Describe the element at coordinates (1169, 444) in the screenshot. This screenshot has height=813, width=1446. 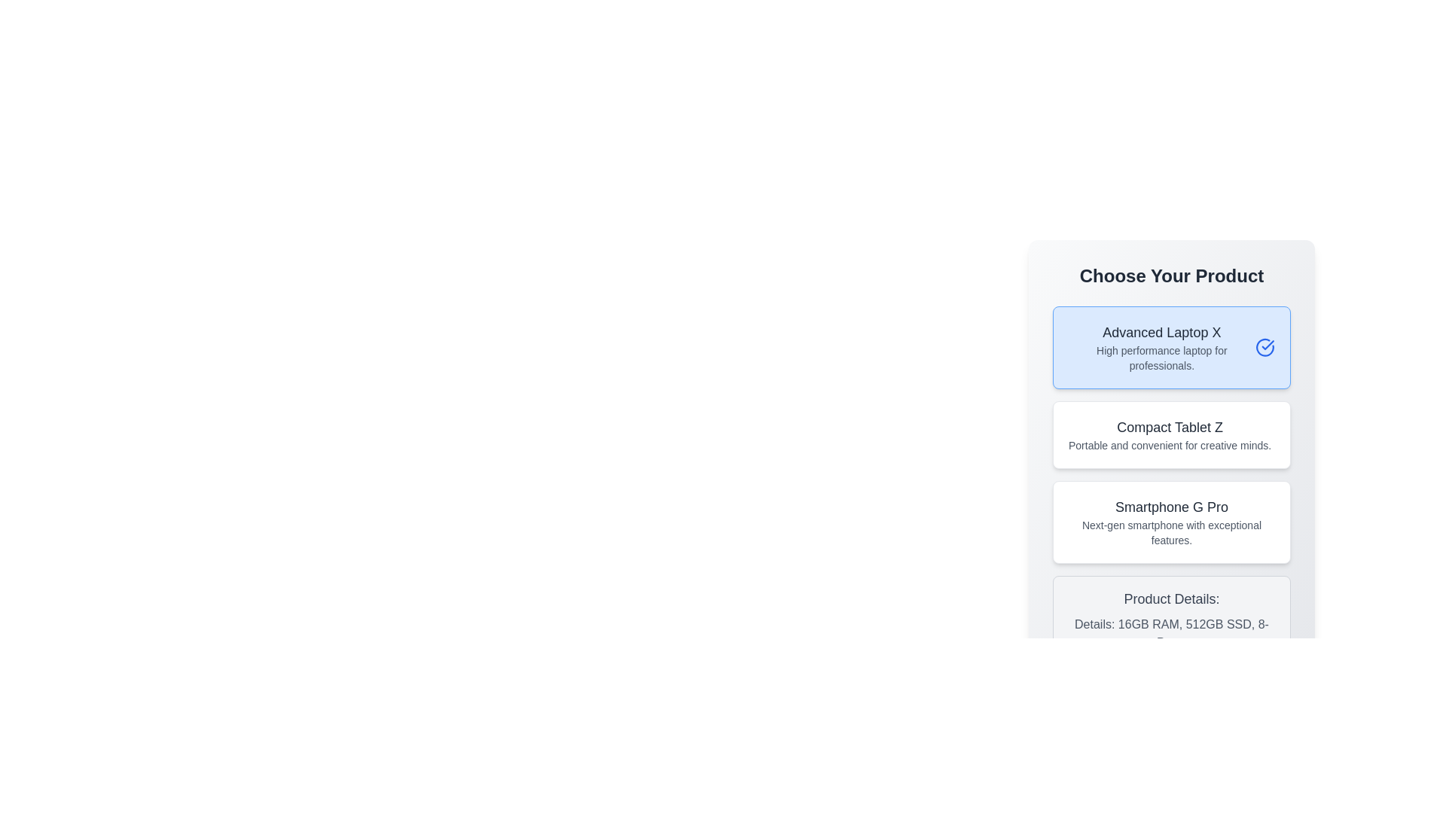
I see `the text label that provides additional context for the product 'Compact Tablet Z'` at that location.